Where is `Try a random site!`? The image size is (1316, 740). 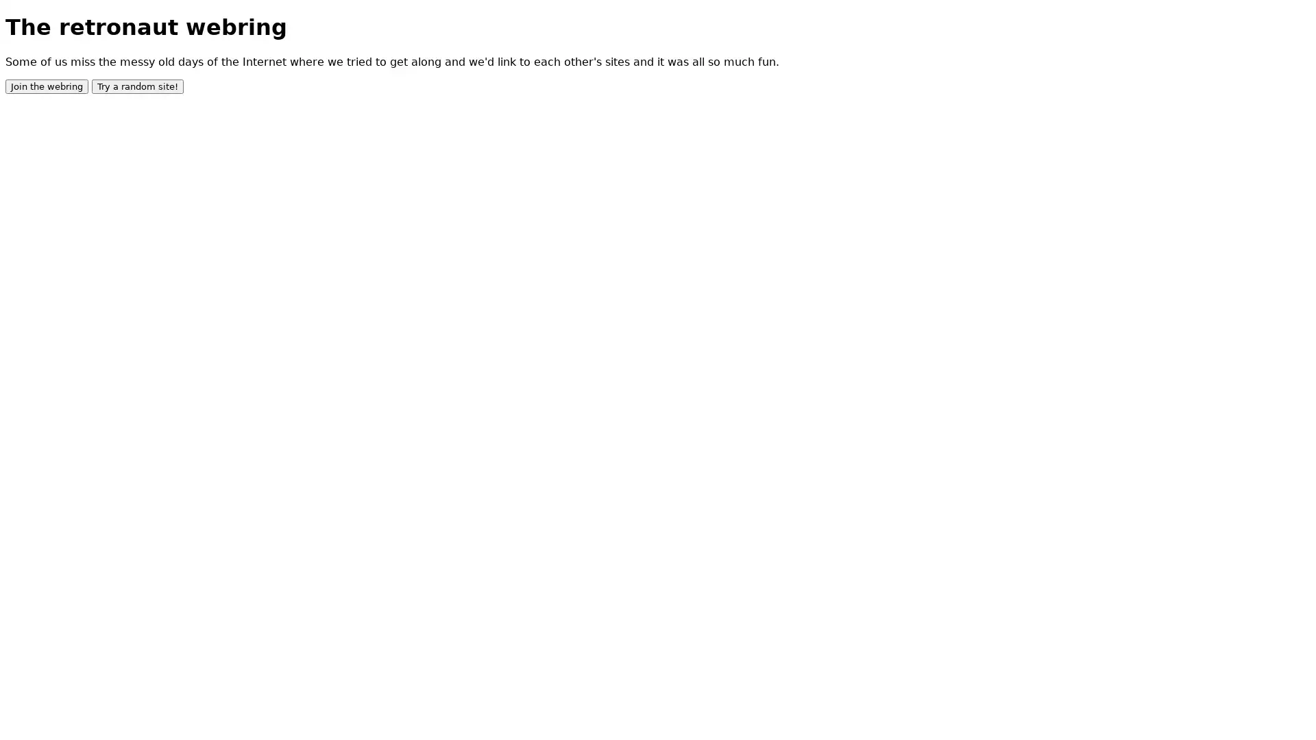 Try a random site! is located at coordinates (138, 86).